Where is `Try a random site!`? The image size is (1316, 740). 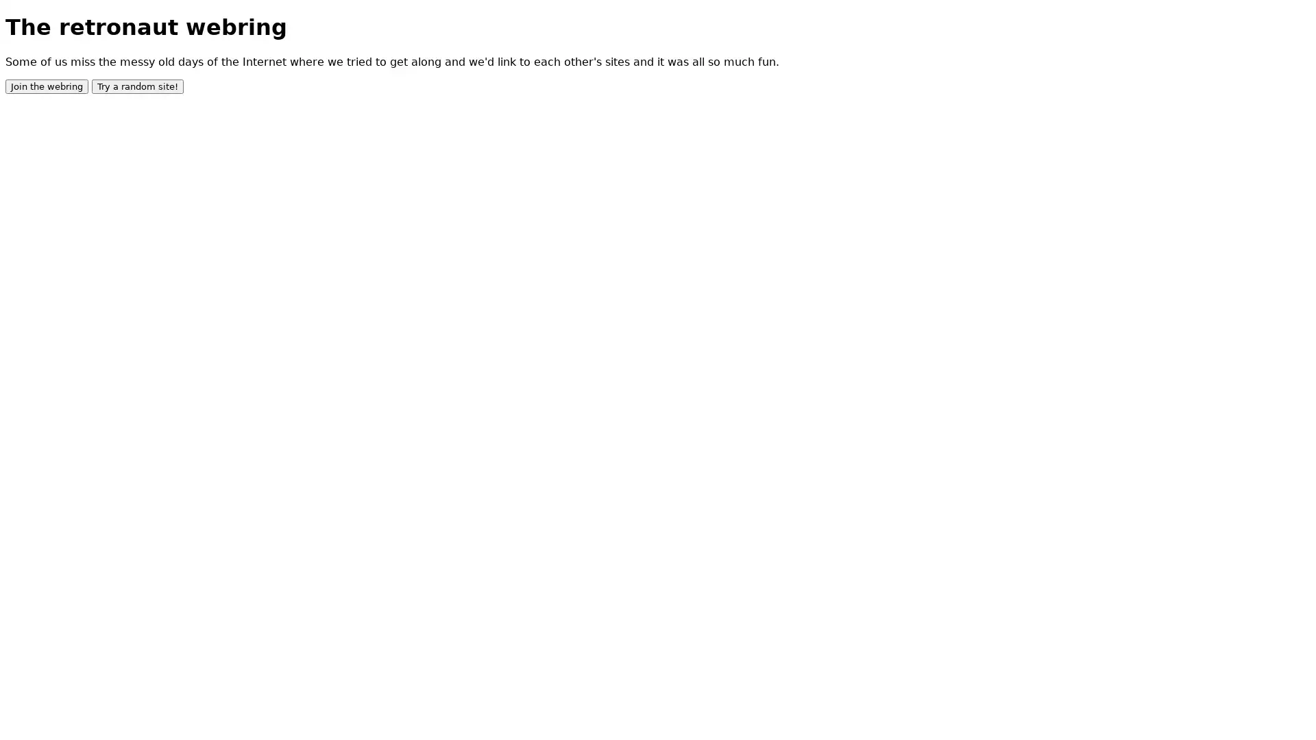 Try a random site! is located at coordinates (138, 86).